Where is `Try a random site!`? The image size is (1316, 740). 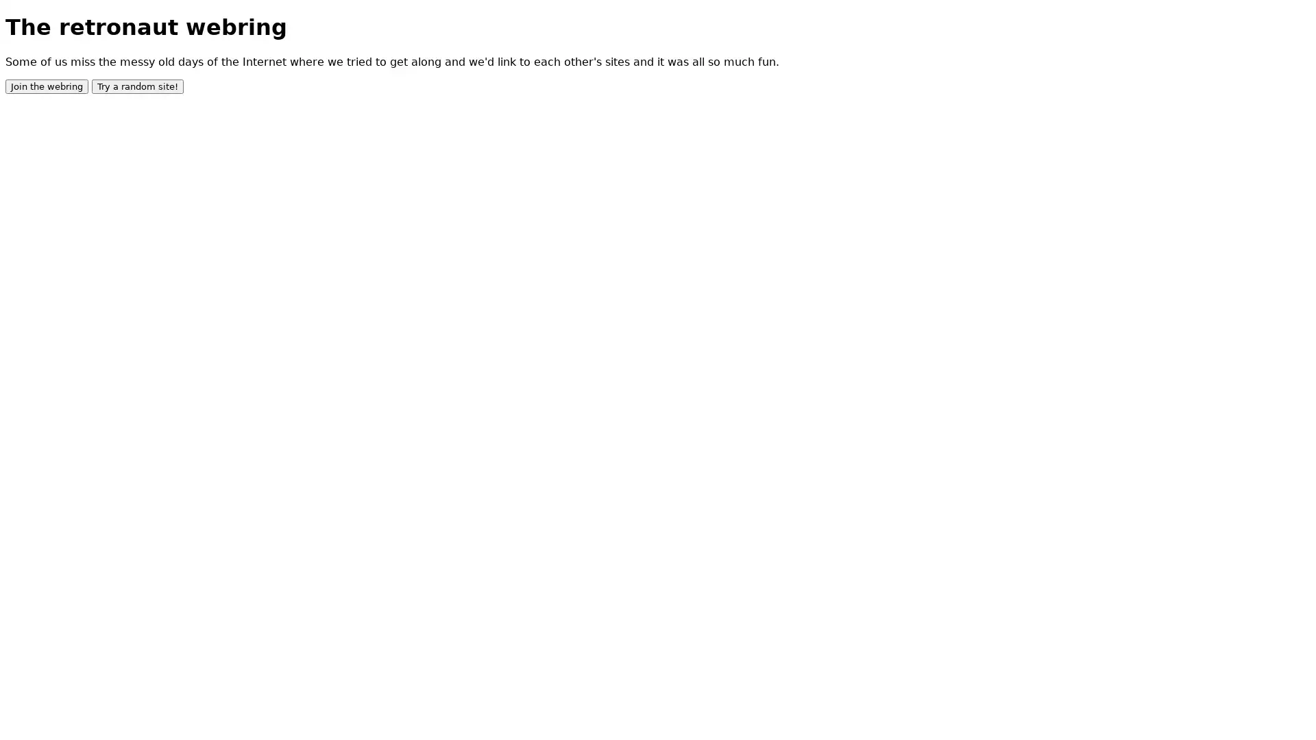 Try a random site! is located at coordinates (138, 86).